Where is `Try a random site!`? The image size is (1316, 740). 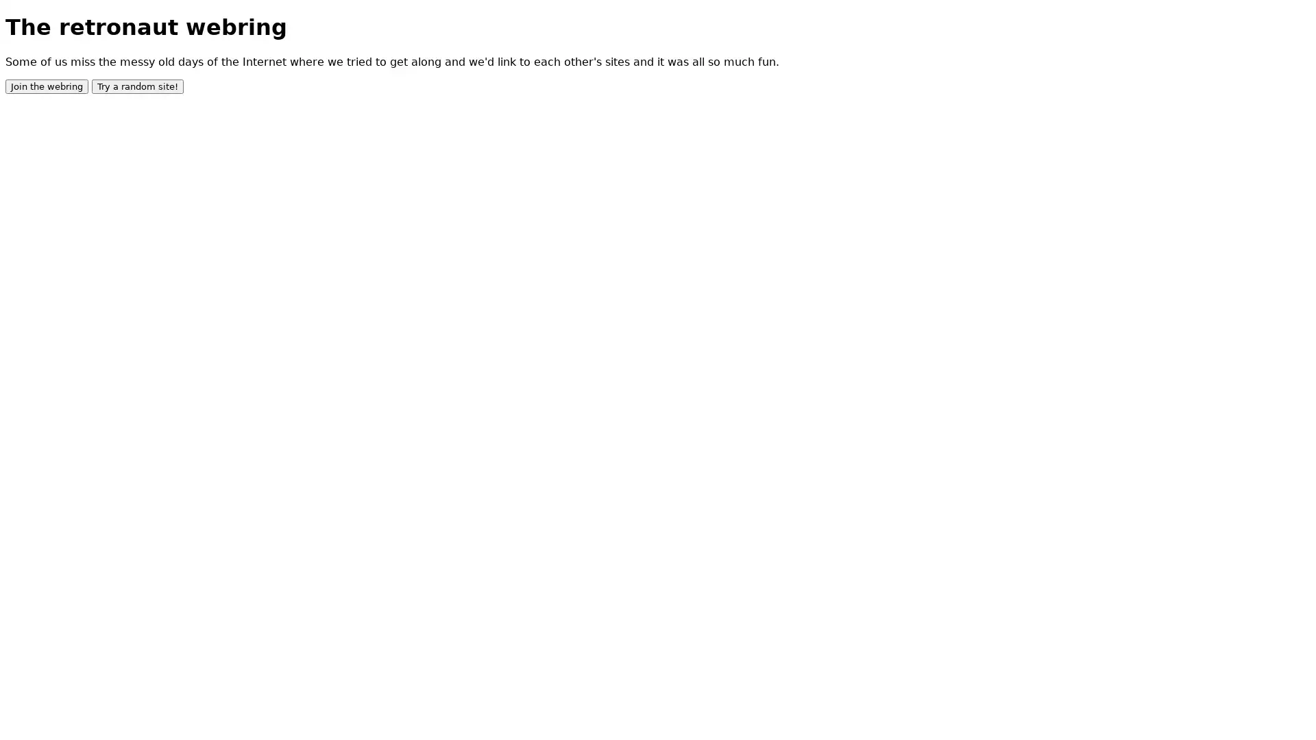 Try a random site! is located at coordinates (138, 86).